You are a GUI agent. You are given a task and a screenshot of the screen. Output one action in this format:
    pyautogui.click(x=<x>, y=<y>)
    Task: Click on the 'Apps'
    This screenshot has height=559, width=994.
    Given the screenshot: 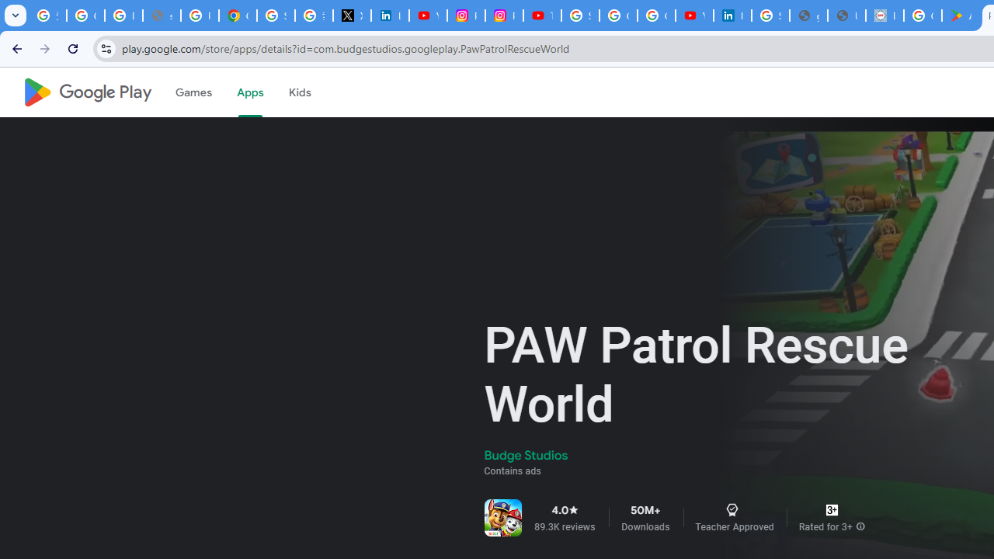 What is the action you would take?
    pyautogui.click(x=249, y=92)
    